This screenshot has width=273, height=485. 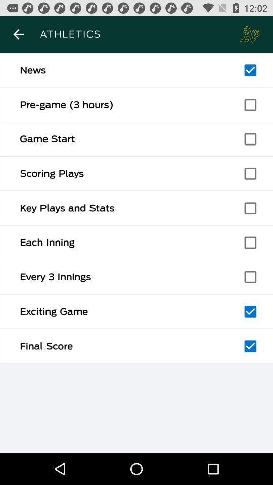 What do you see at coordinates (250, 311) in the screenshot?
I see `score exciting game` at bounding box center [250, 311].